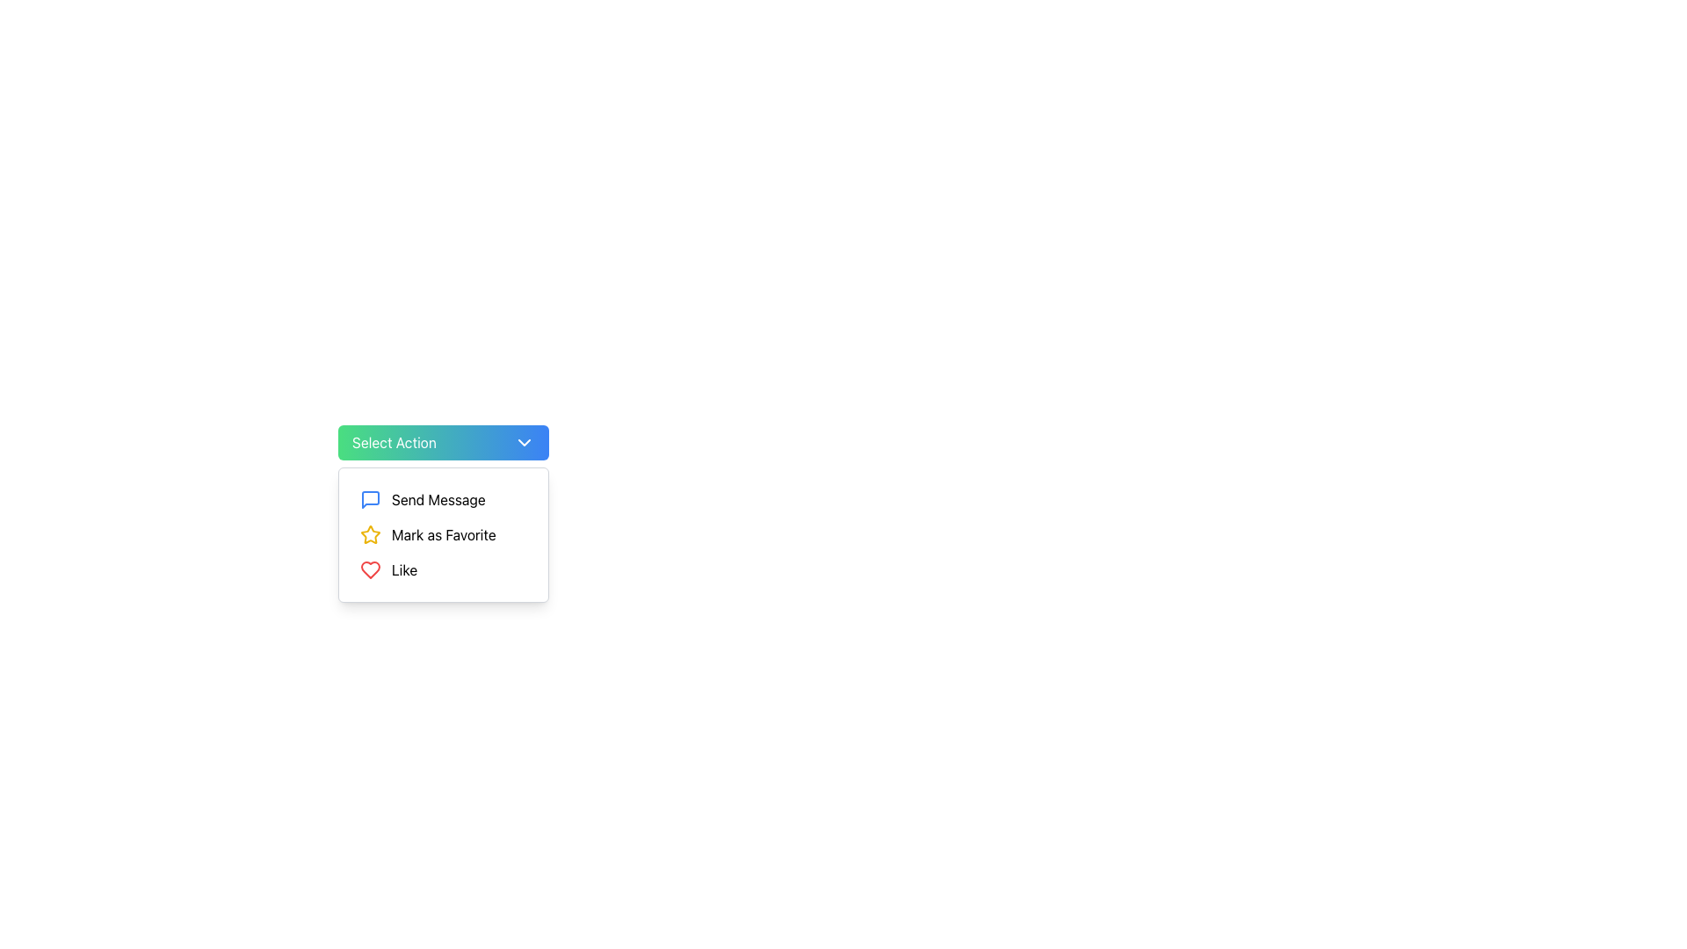  What do you see at coordinates (523, 442) in the screenshot?
I see `the chevron icon located at the far-right of the 'Select Action' button to trigger hover-based styles` at bounding box center [523, 442].